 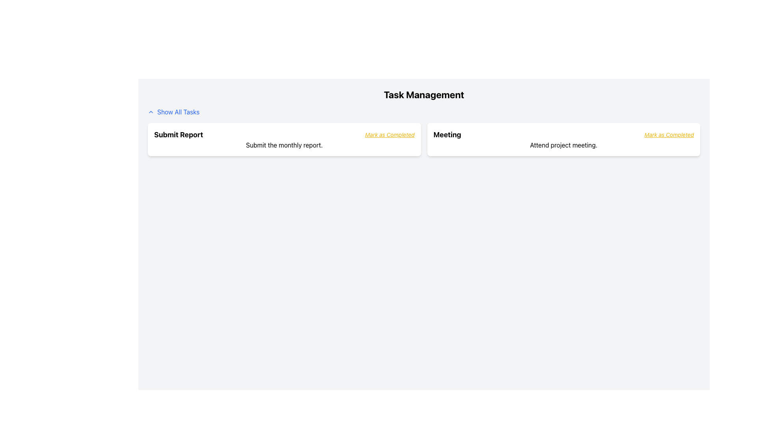 What do you see at coordinates (669, 135) in the screenshot?
I see `the button that allows users to mark a task as completed, located to the right of the 'Meeting' text` at bounding box center [669, 135].